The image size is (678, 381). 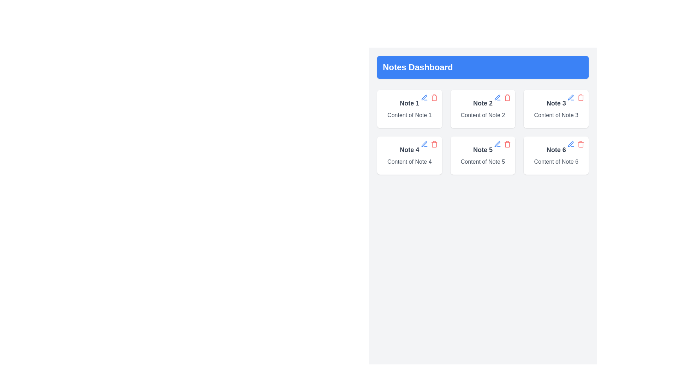 I want to click on the second card in the notes dashboard, so click(x=482, y=109).